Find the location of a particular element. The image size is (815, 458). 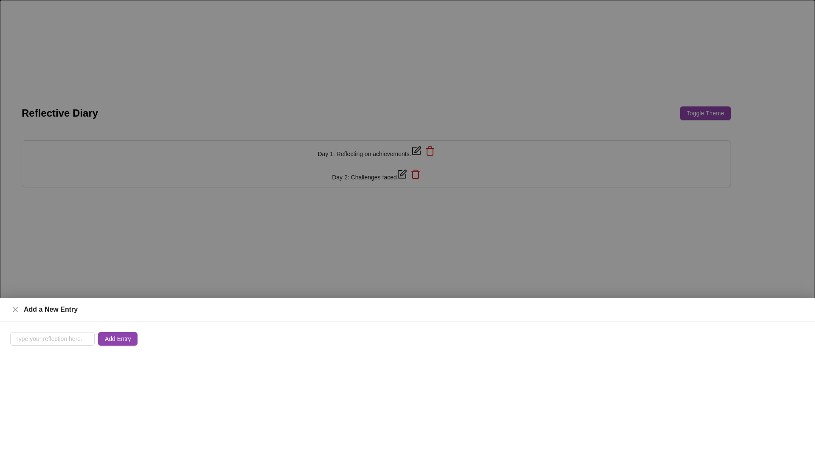

the edit icon in the action group located to the far right of the text 'Day 1: Reflecting on achievements.' to initiate edit mode is located at coordinates (423, 150).